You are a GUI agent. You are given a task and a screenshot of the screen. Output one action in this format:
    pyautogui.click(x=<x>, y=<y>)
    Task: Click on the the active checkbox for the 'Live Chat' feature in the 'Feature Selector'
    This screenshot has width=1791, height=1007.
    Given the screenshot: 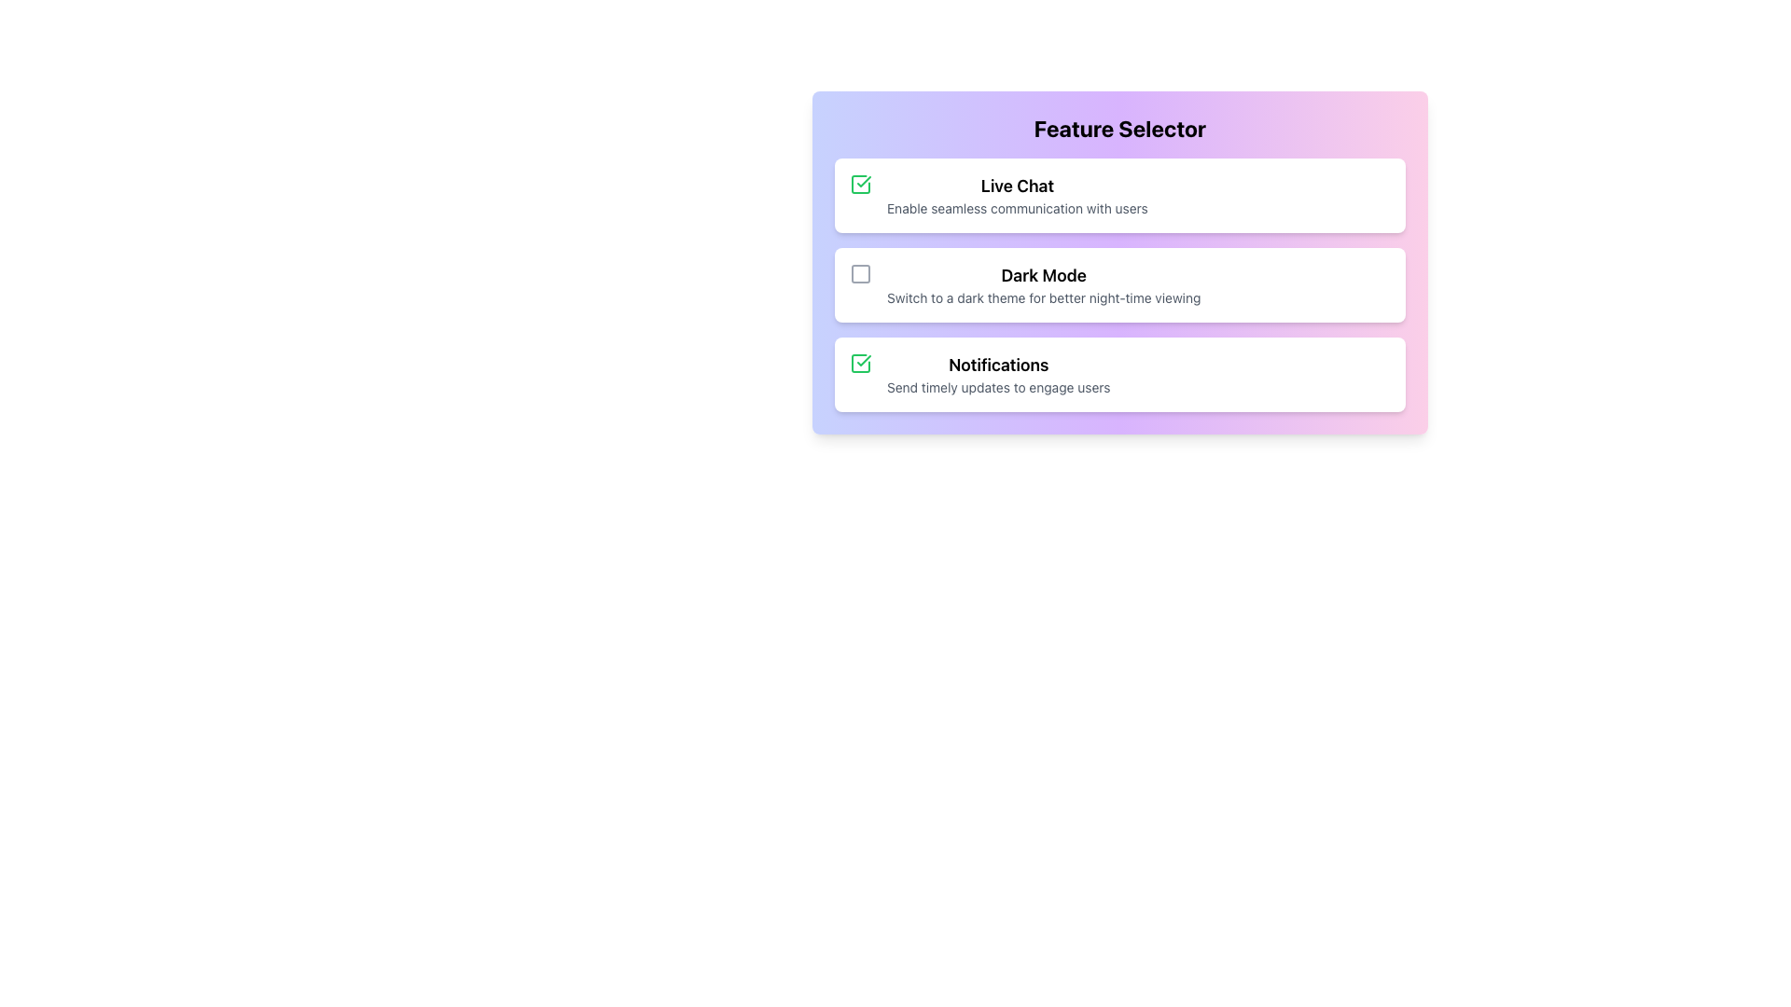 What is the action you would take?
    pyautogui.click(x=859, y=363)
    